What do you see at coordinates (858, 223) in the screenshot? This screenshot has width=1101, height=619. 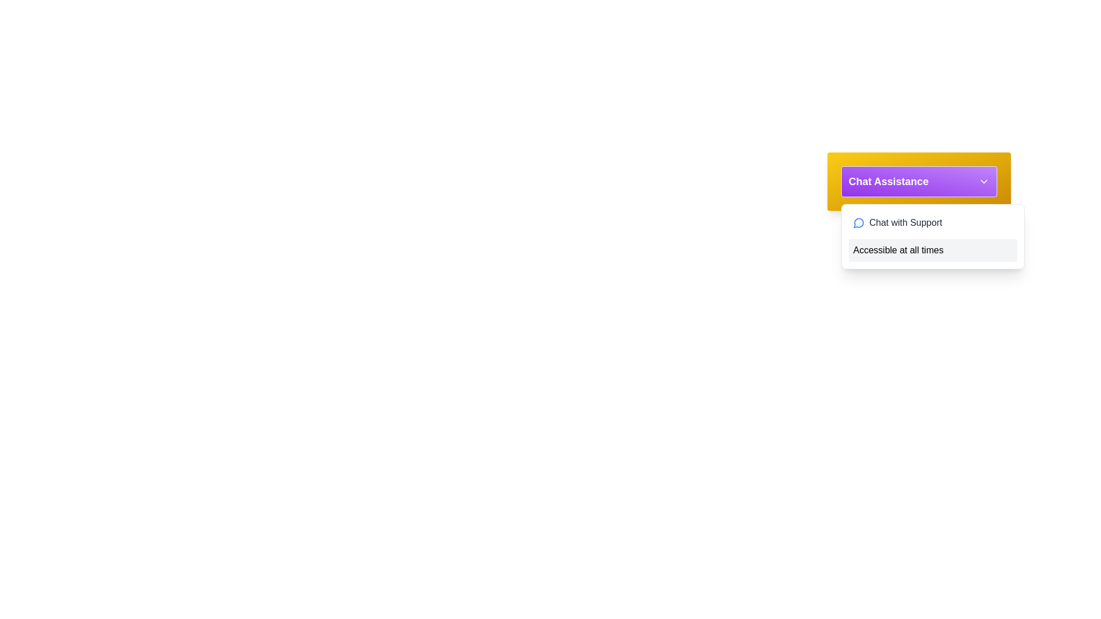 I see `the circular blue icon with a speech-bubble-like outline, located to the left of the 'Chat with Support' label, to initiate chat or perform a related action` at bounding box center [858, 223].